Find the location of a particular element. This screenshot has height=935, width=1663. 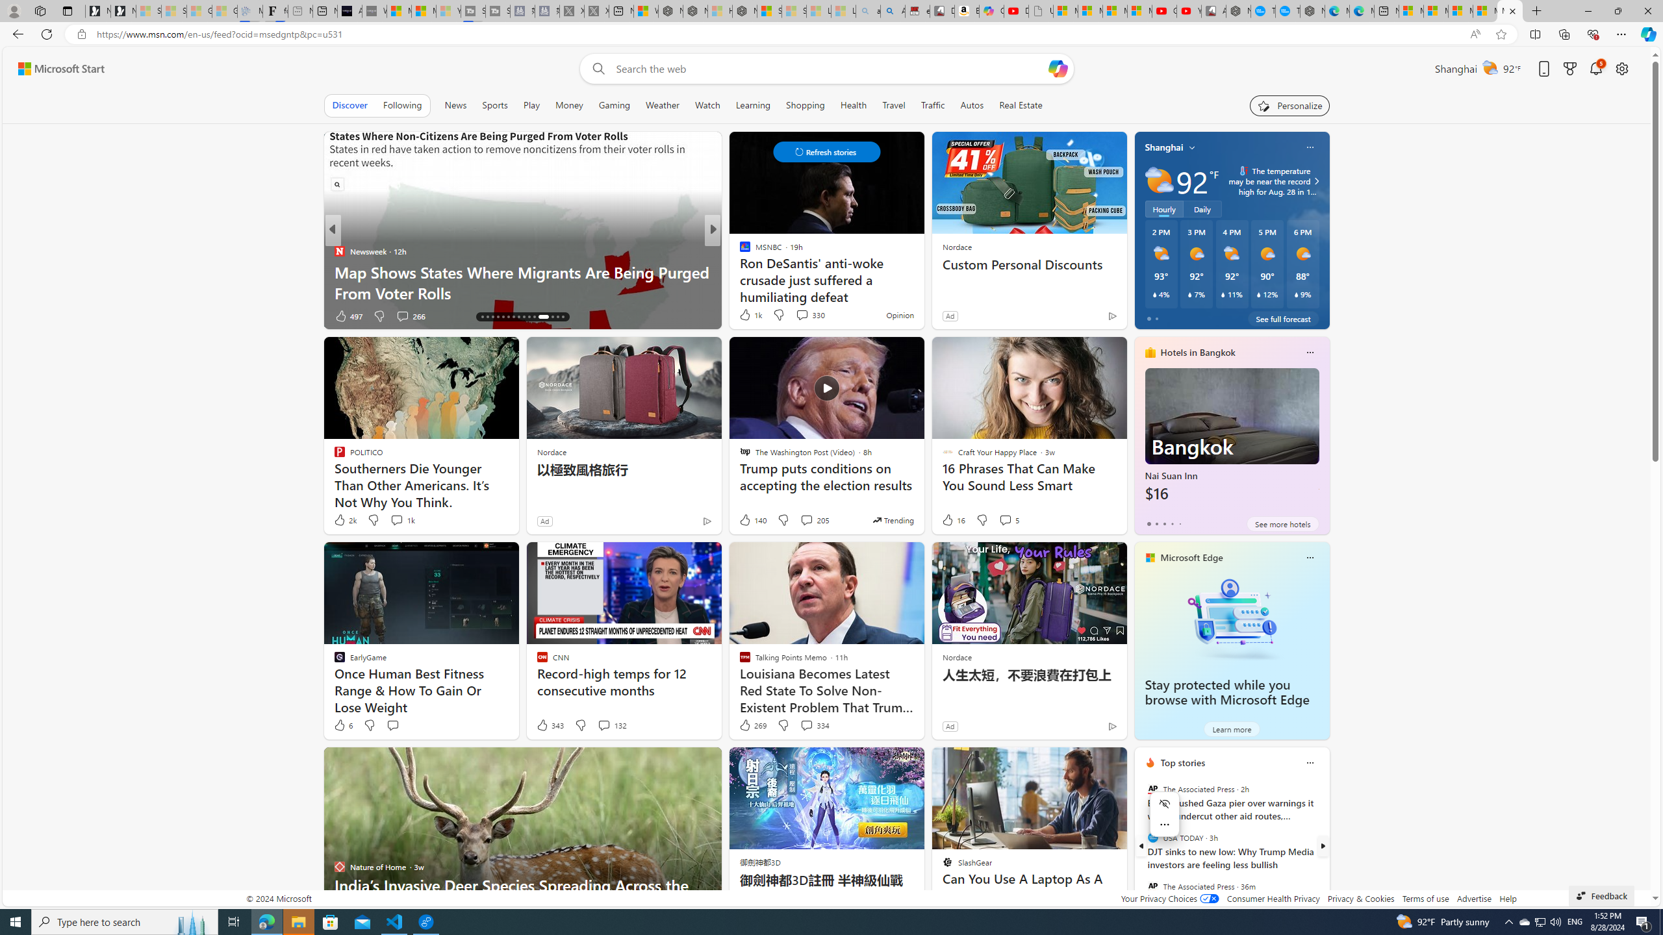

'View comments 334 Comment' is located at coordinates (814, 724).